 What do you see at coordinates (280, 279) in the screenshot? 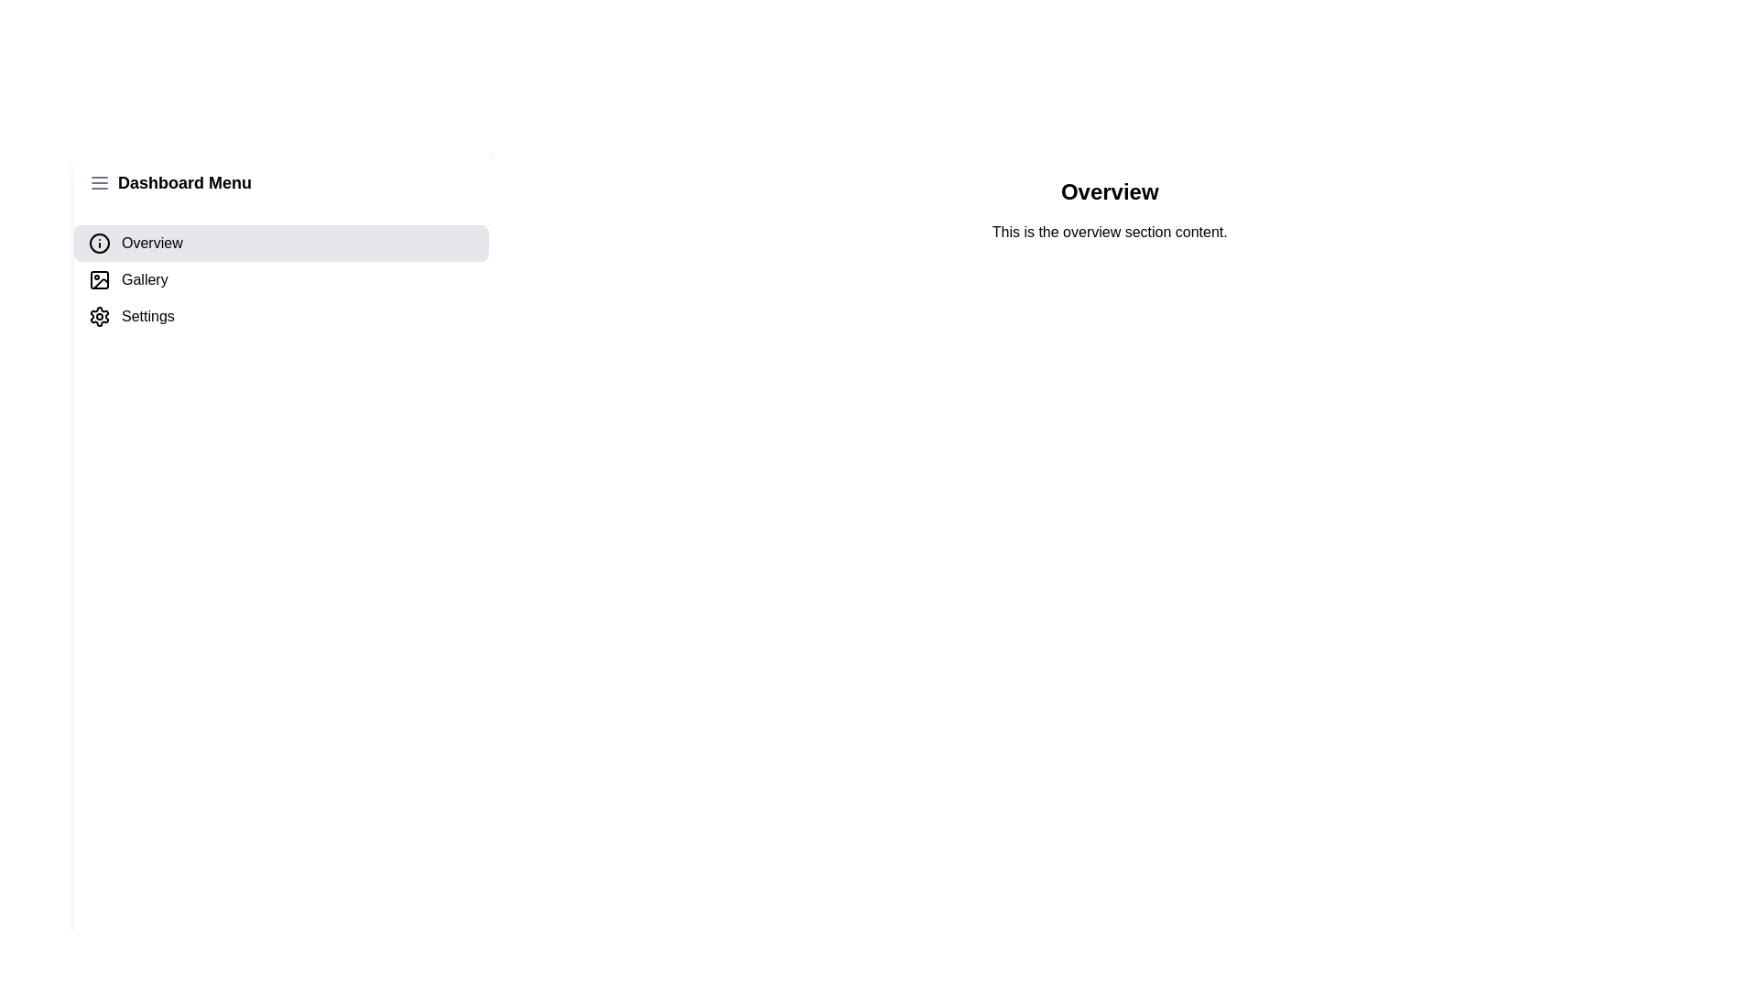
I see `the menu item Gallery to reveal its hover effect` at bounding box center [280, 279].